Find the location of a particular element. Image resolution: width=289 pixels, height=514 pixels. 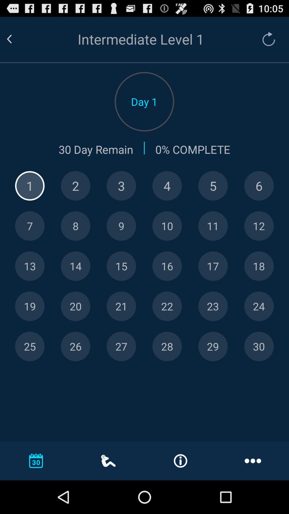

the volume icon is located at coordinates (167, 241).